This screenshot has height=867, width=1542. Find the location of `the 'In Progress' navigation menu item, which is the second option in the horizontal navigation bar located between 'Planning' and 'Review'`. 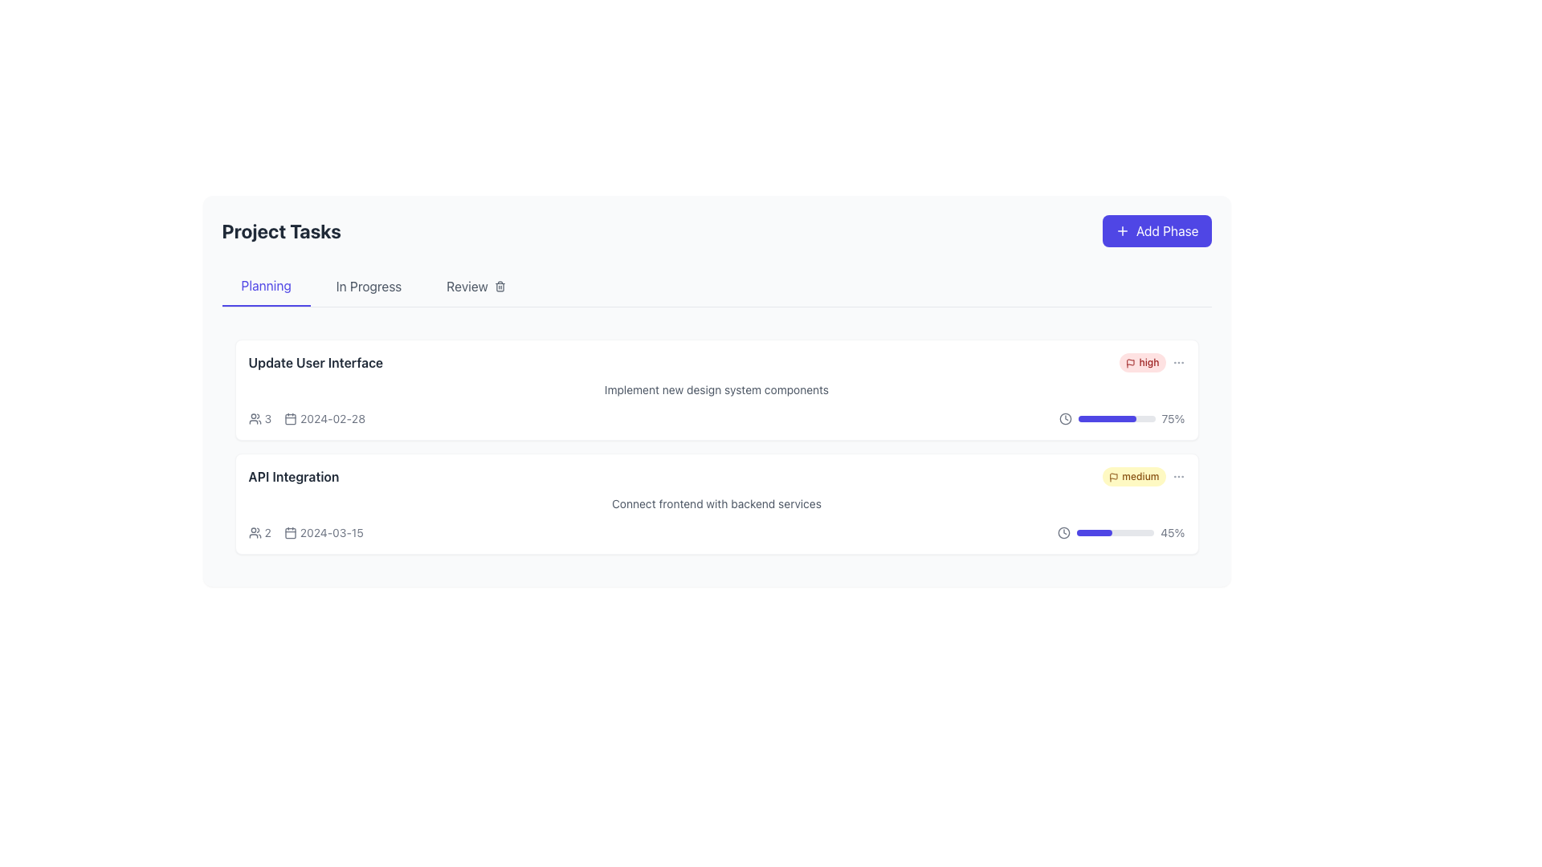

the 'In Progress' navigation menu item, which is the second option in the horizontal navigation bar located between 'Planning' and 'Review' is located at coordinates (368, 286).